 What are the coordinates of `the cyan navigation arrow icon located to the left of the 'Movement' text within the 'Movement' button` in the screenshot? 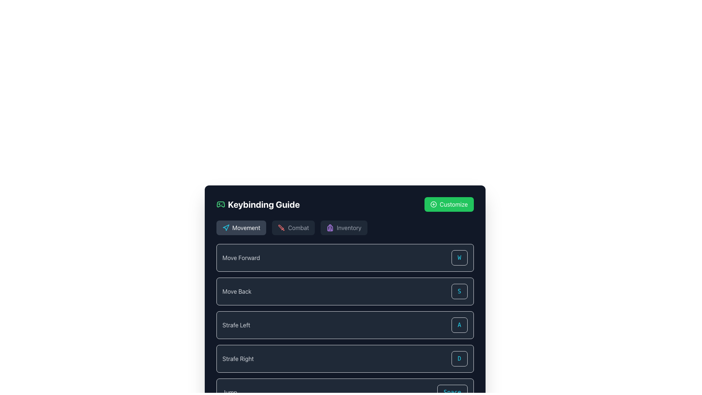 It's located at (225, 227).